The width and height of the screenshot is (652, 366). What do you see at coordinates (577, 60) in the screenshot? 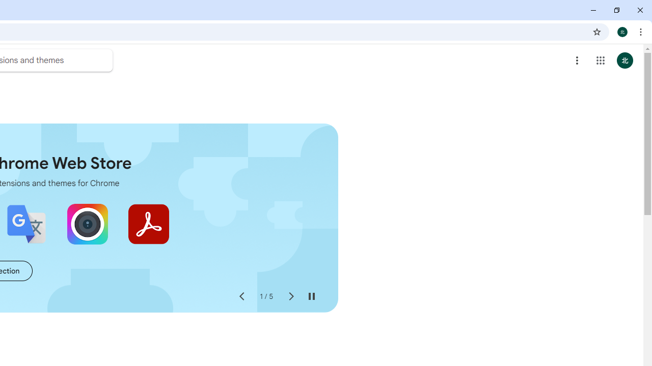
I see `'More options menu'` at bounding box center [577, 60].